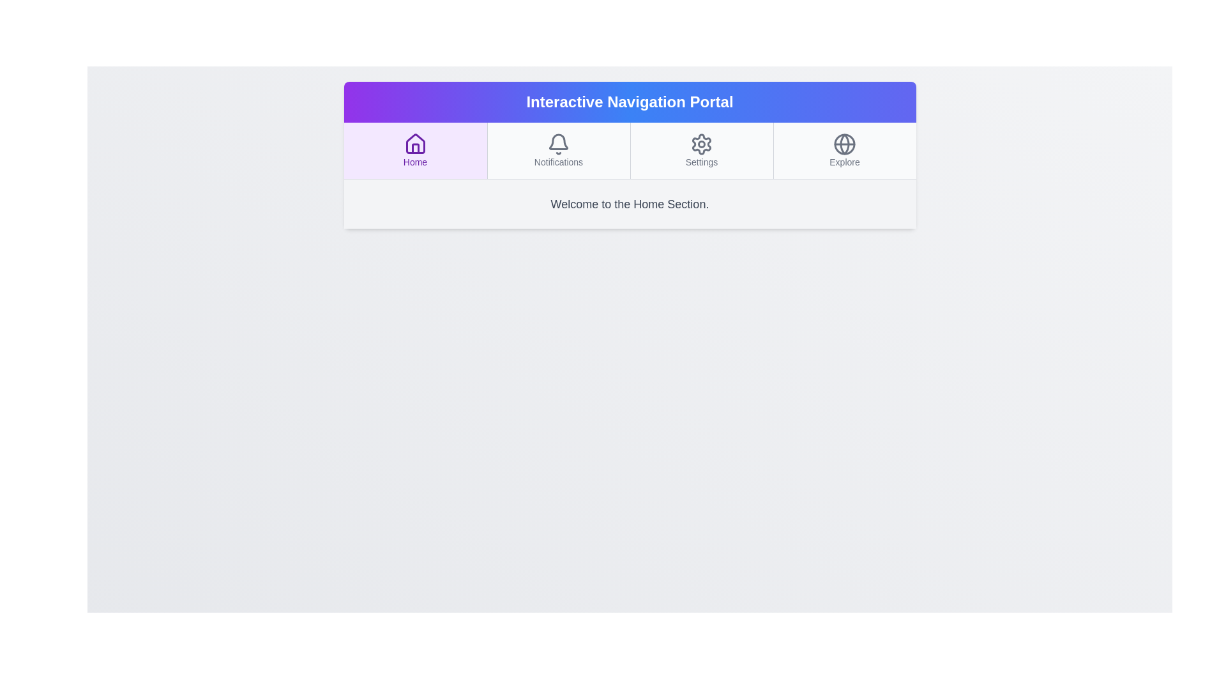 This screenshot has width=1226, height=690. What do you see at coordinates (558, 149) in the screenshot?
I see `the clickable navigation item representing notifications, which is styled with a gray color scheme and positioned above the text 'Notifications' in the navigation bar` at bounding box center [558, 149].